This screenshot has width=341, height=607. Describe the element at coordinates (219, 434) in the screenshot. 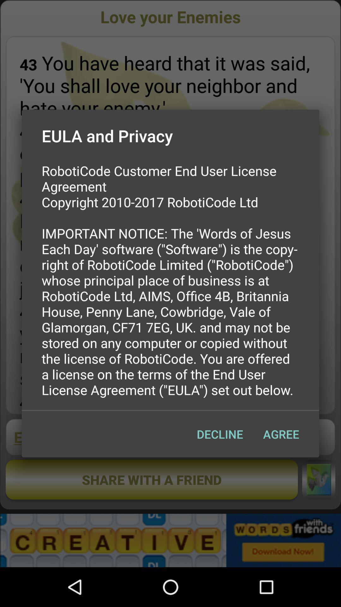

I see `the button next to the agree` at that location.